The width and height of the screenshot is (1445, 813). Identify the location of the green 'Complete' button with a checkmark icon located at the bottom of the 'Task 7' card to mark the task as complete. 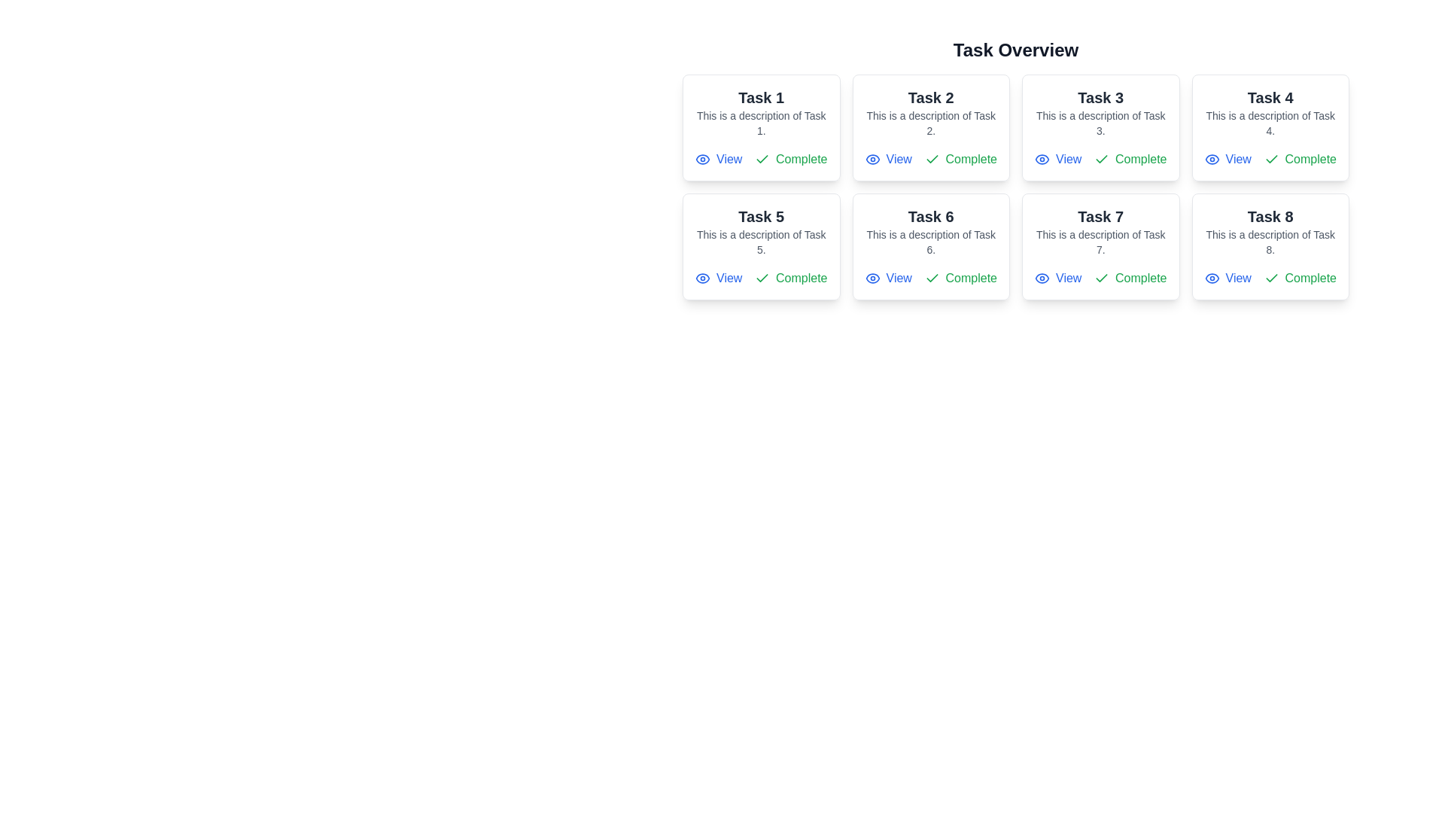
(1130, 279).